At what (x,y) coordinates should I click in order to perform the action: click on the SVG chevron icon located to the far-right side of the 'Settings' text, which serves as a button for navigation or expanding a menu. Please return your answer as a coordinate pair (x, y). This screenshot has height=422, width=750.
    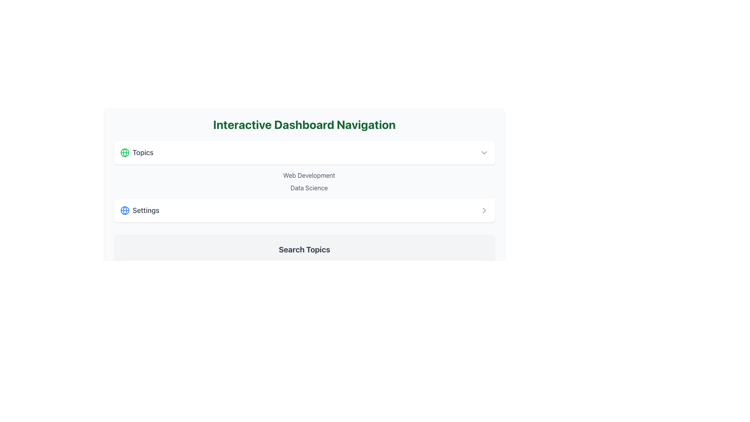
    Looking at the image, I should click on (484, 210).